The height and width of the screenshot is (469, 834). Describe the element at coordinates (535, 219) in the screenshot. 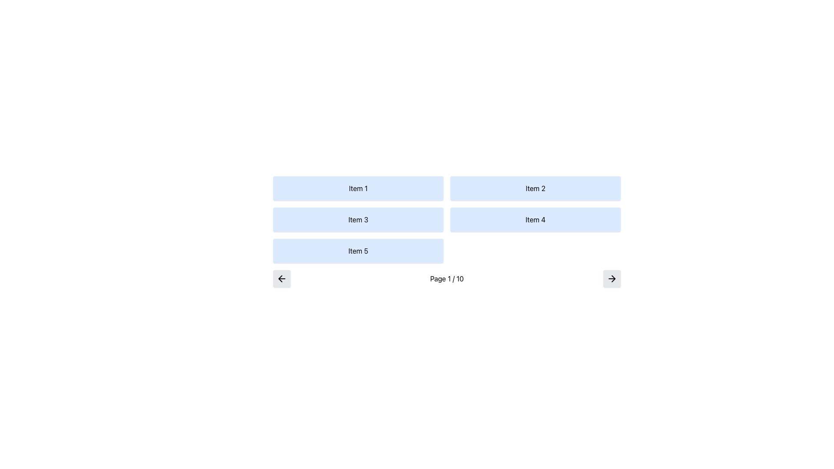

I see `the button for 'Item 4' located in the second column and second row of the grid layout, which is the fourth button in a sequence of five buttons` at that location.